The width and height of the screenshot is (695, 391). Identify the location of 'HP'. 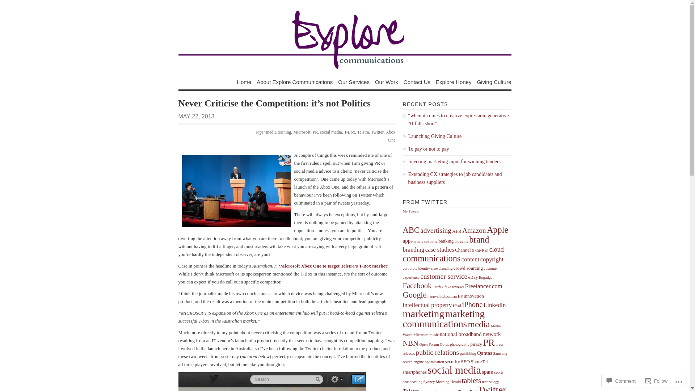
(460, 296).